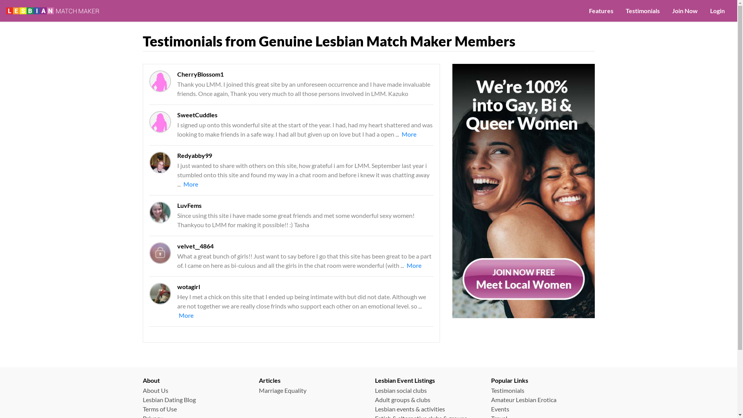  I want to click on 'Amateur Lesbian Erotica', so click(490, 399).